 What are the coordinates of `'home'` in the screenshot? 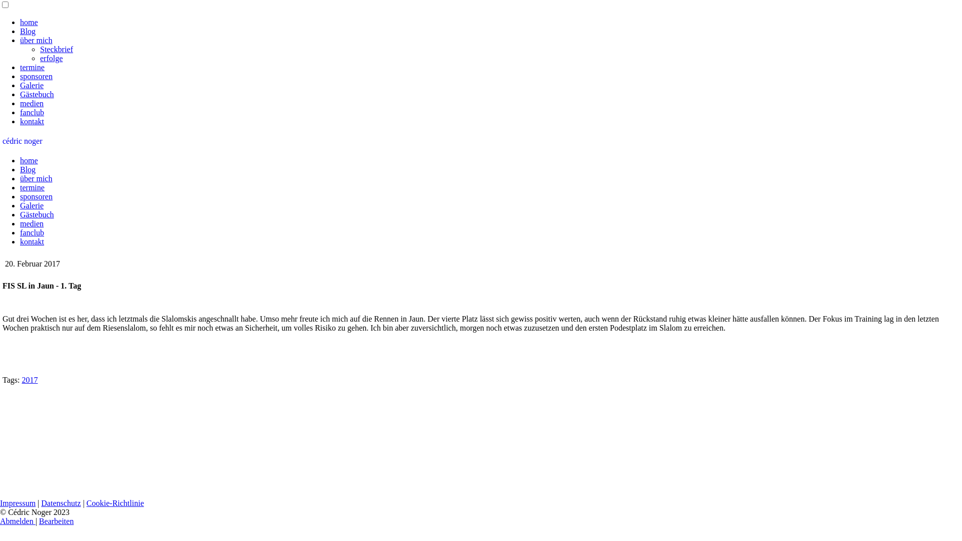 It's located at (29, 160).